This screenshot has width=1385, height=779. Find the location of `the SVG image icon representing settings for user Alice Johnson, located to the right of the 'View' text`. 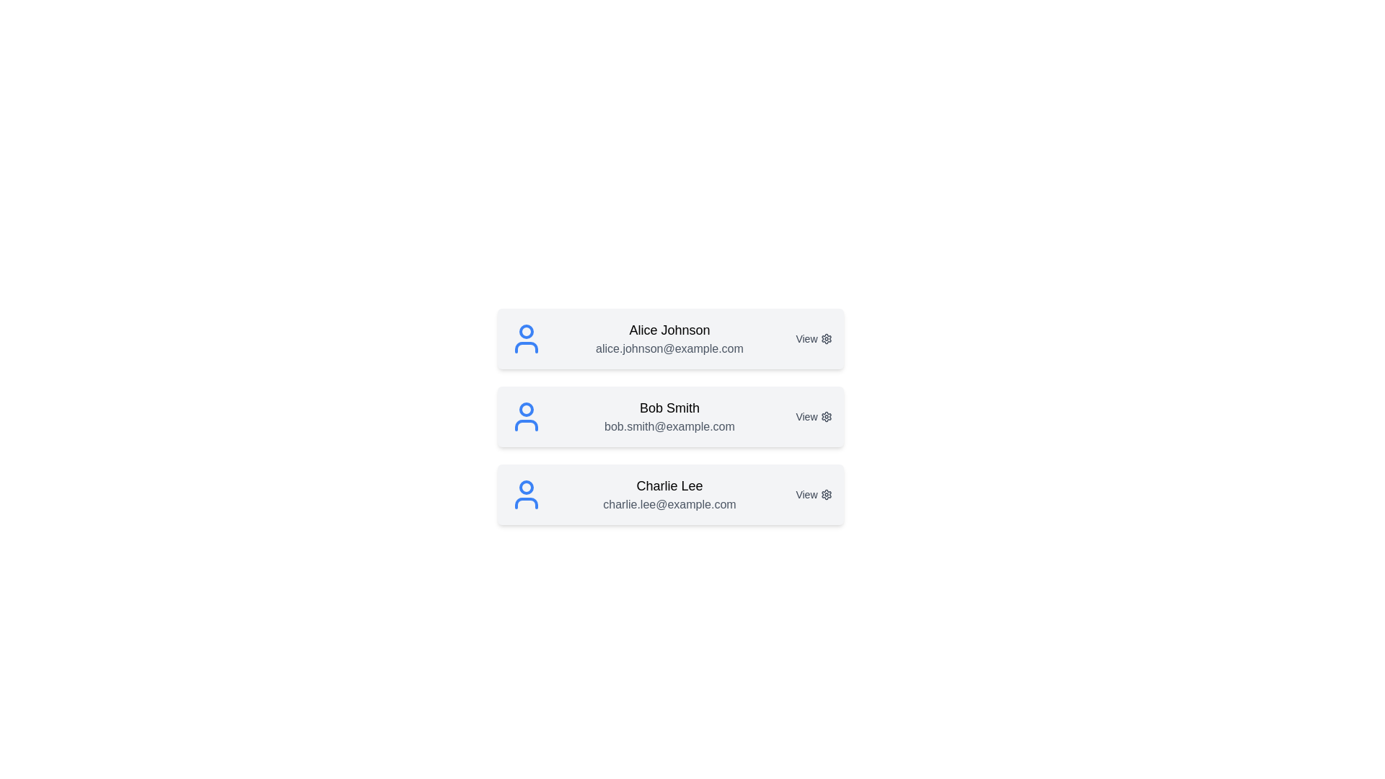

the SVG image icon representing settings for user Alice Johnson, located to the right of the 'View' text is located at coordinates (826, 339).